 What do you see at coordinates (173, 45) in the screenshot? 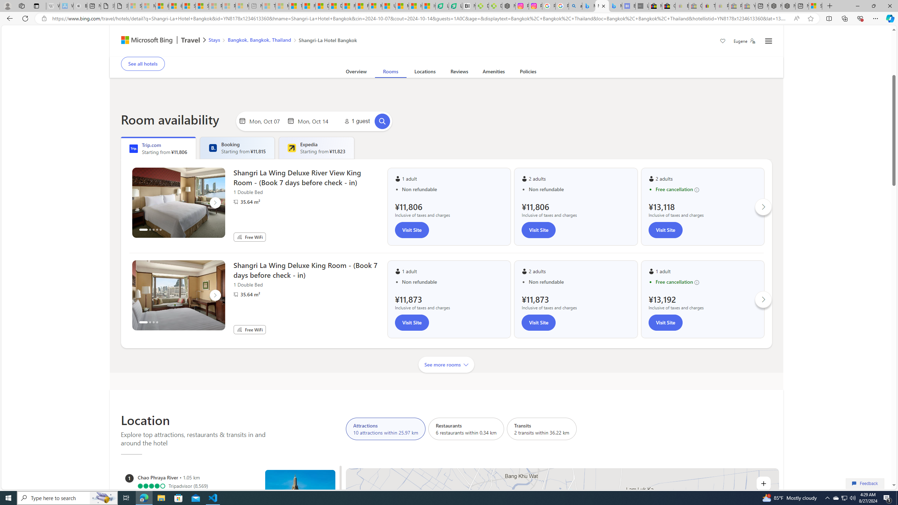
I see `'2,234 Booking.com reviews'` at bounding box center [173, 45].